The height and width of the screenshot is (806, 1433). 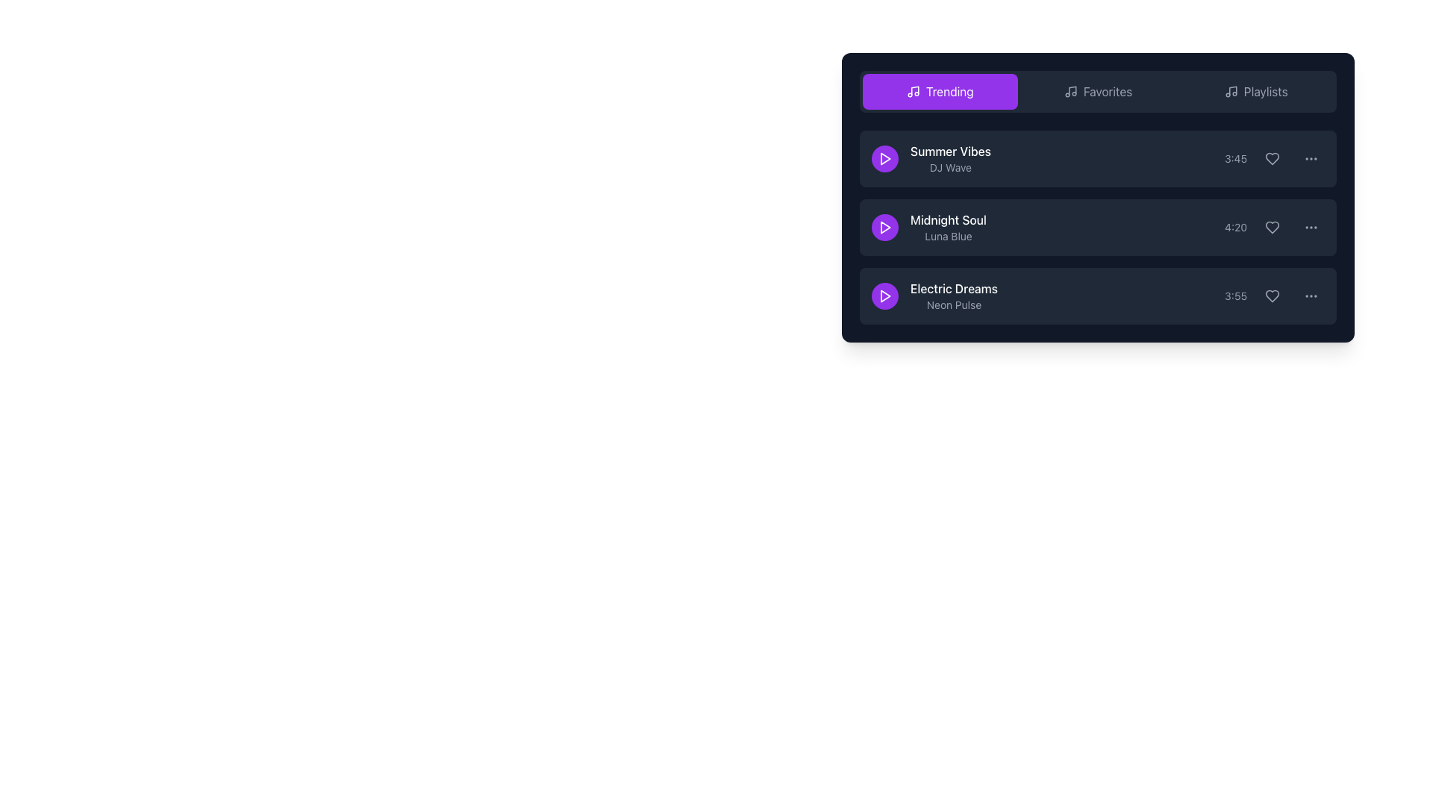 I want to click on the second list item labeled 'Midnight Soul' which has a play button on the left and a timestamp '4:20' on the right, so click(x=1098, y=227).